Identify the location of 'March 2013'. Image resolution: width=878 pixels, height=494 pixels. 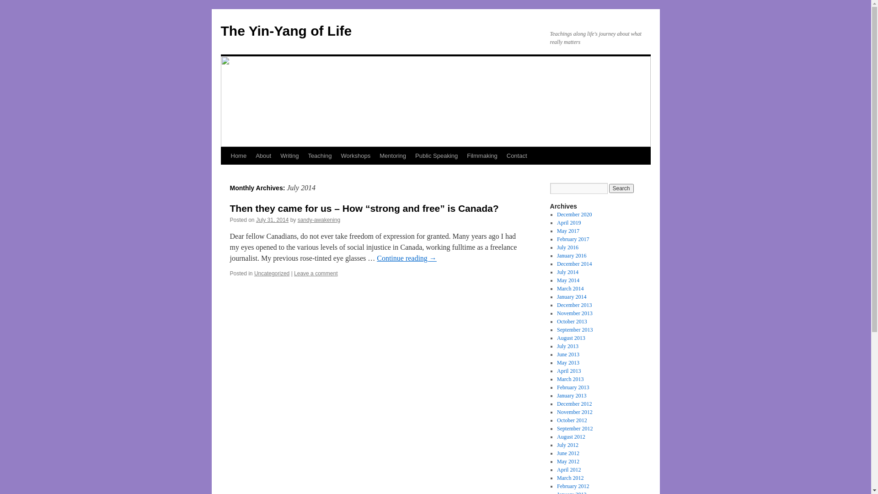
(570, 379).